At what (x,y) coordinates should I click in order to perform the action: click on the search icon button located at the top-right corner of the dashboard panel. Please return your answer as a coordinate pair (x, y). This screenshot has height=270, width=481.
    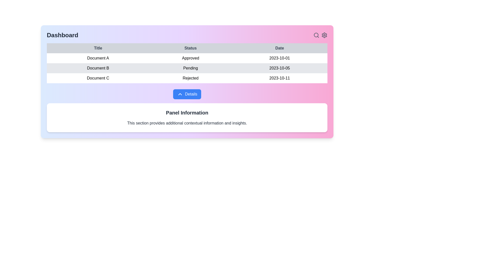
    Looking at the image, I should click on (316, 35).